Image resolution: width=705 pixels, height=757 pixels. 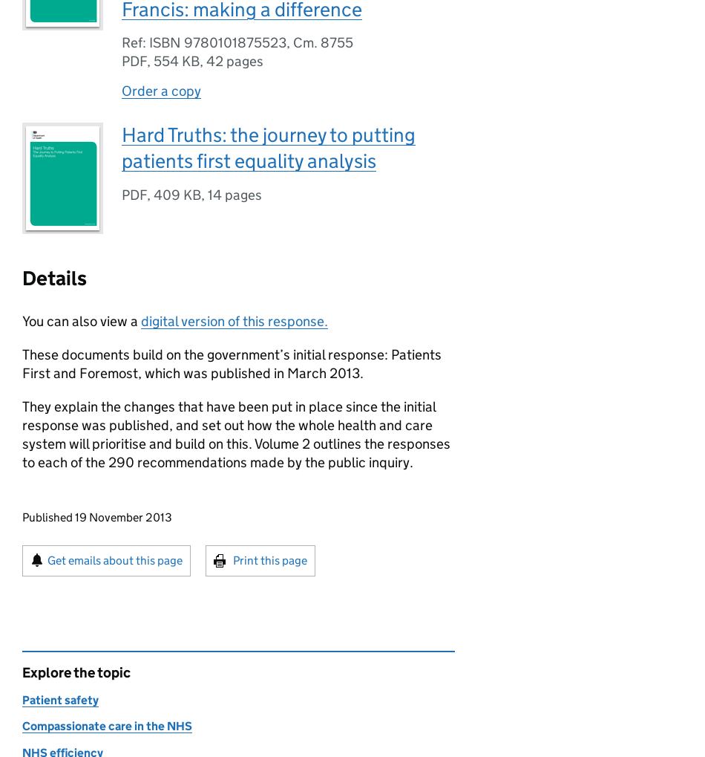 I want to click on 'Ref: ISBN 9780101875523, Cm. 8755', so click(x=236, y=42).